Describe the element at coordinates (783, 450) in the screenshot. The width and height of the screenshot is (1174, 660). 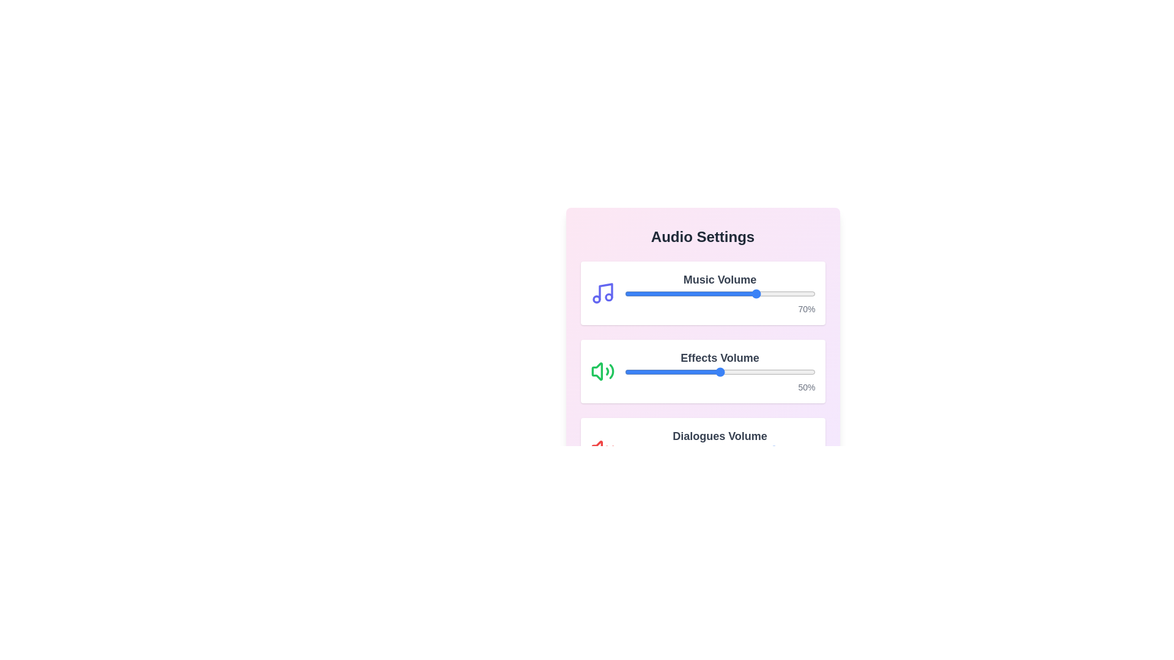
I see `the Dialogues Volume slider to 83%` at that location.